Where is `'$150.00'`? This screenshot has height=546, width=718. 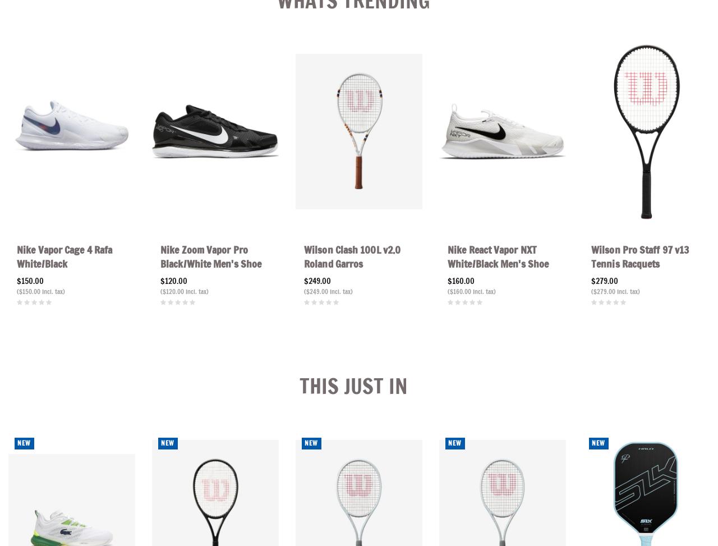 '$150.00' is located at coordinates (30, 280).